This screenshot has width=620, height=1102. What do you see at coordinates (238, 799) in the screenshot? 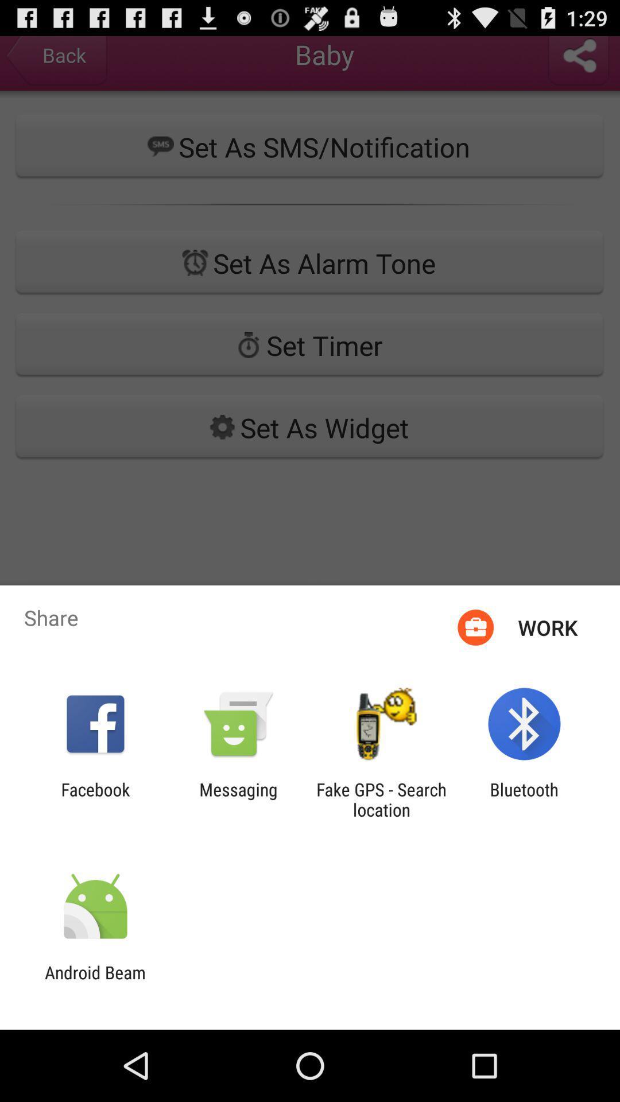
I see `messaging item` at bounding box center [238, 799].